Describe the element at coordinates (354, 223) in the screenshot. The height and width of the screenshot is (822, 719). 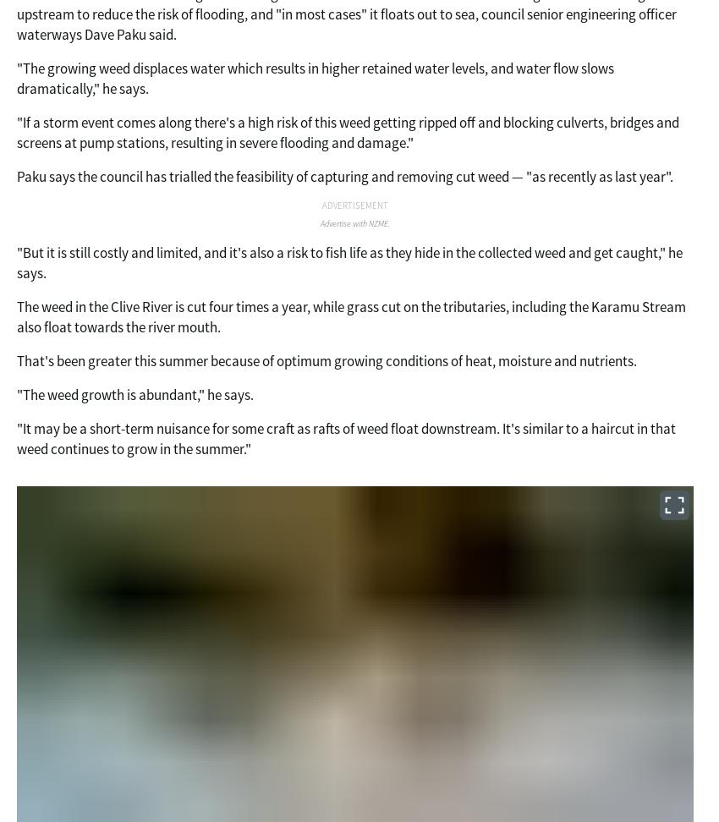
I see `'Advertise with NZME.'` at that location.